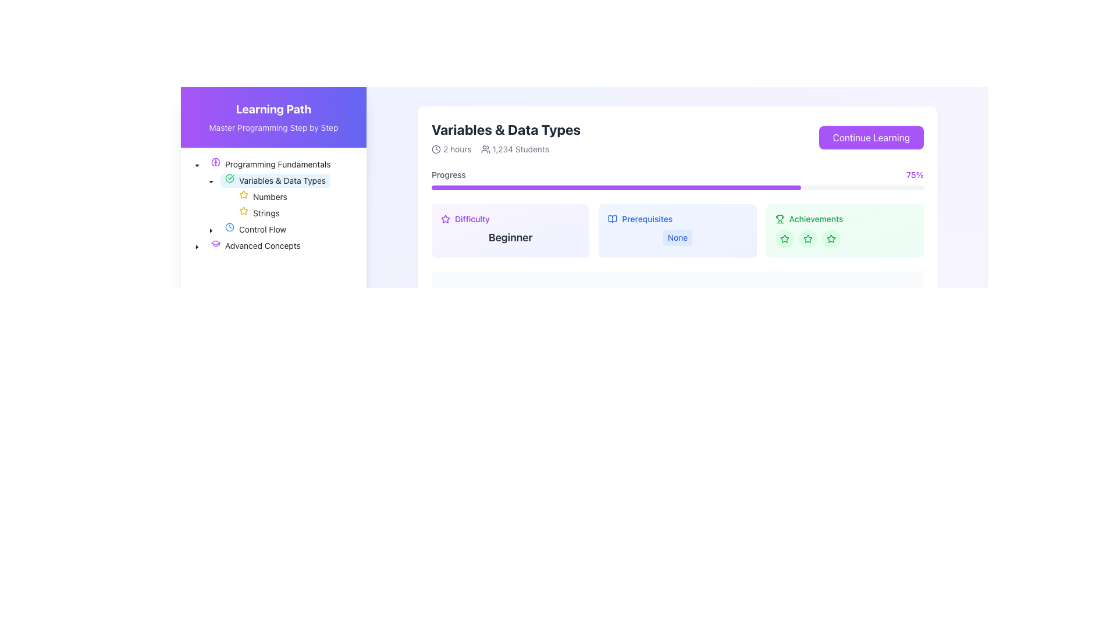 The image size is (1117, 628). I want to click on the Informational Badge with a light blue background and blue text displaying 'None', located in the 'Prerequisites' section of the UI, so click(678, 237).